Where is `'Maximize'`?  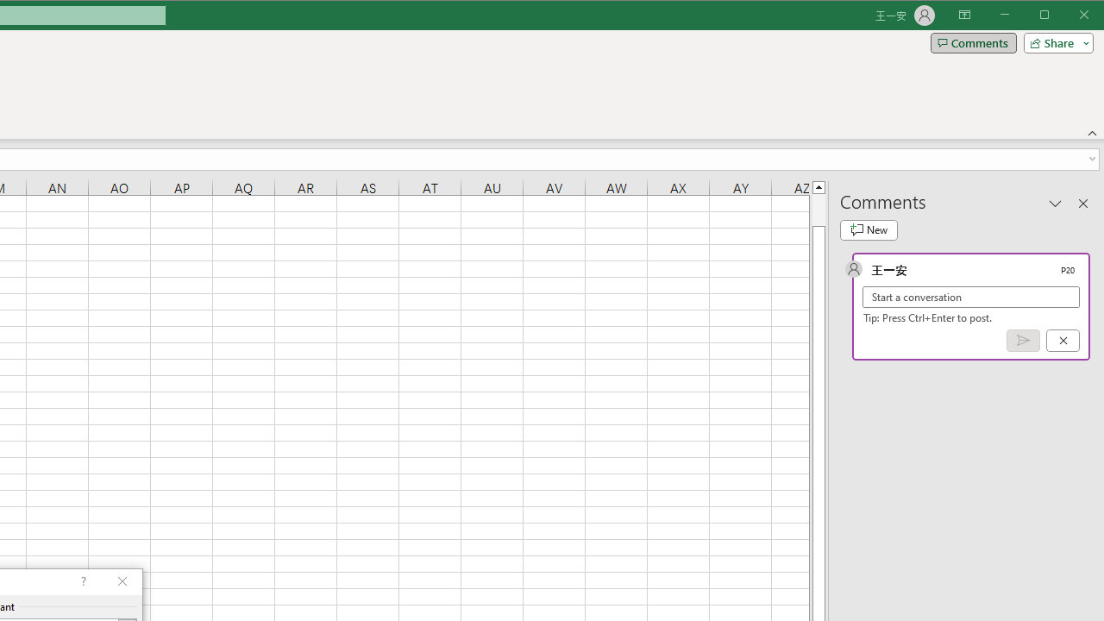 'Maximize' is located at coordinates (1068, 16).